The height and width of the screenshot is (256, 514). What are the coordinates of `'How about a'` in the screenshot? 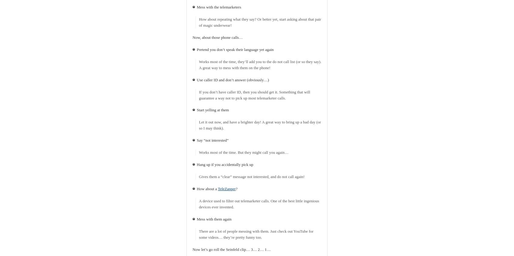 It's located at (197, 189).